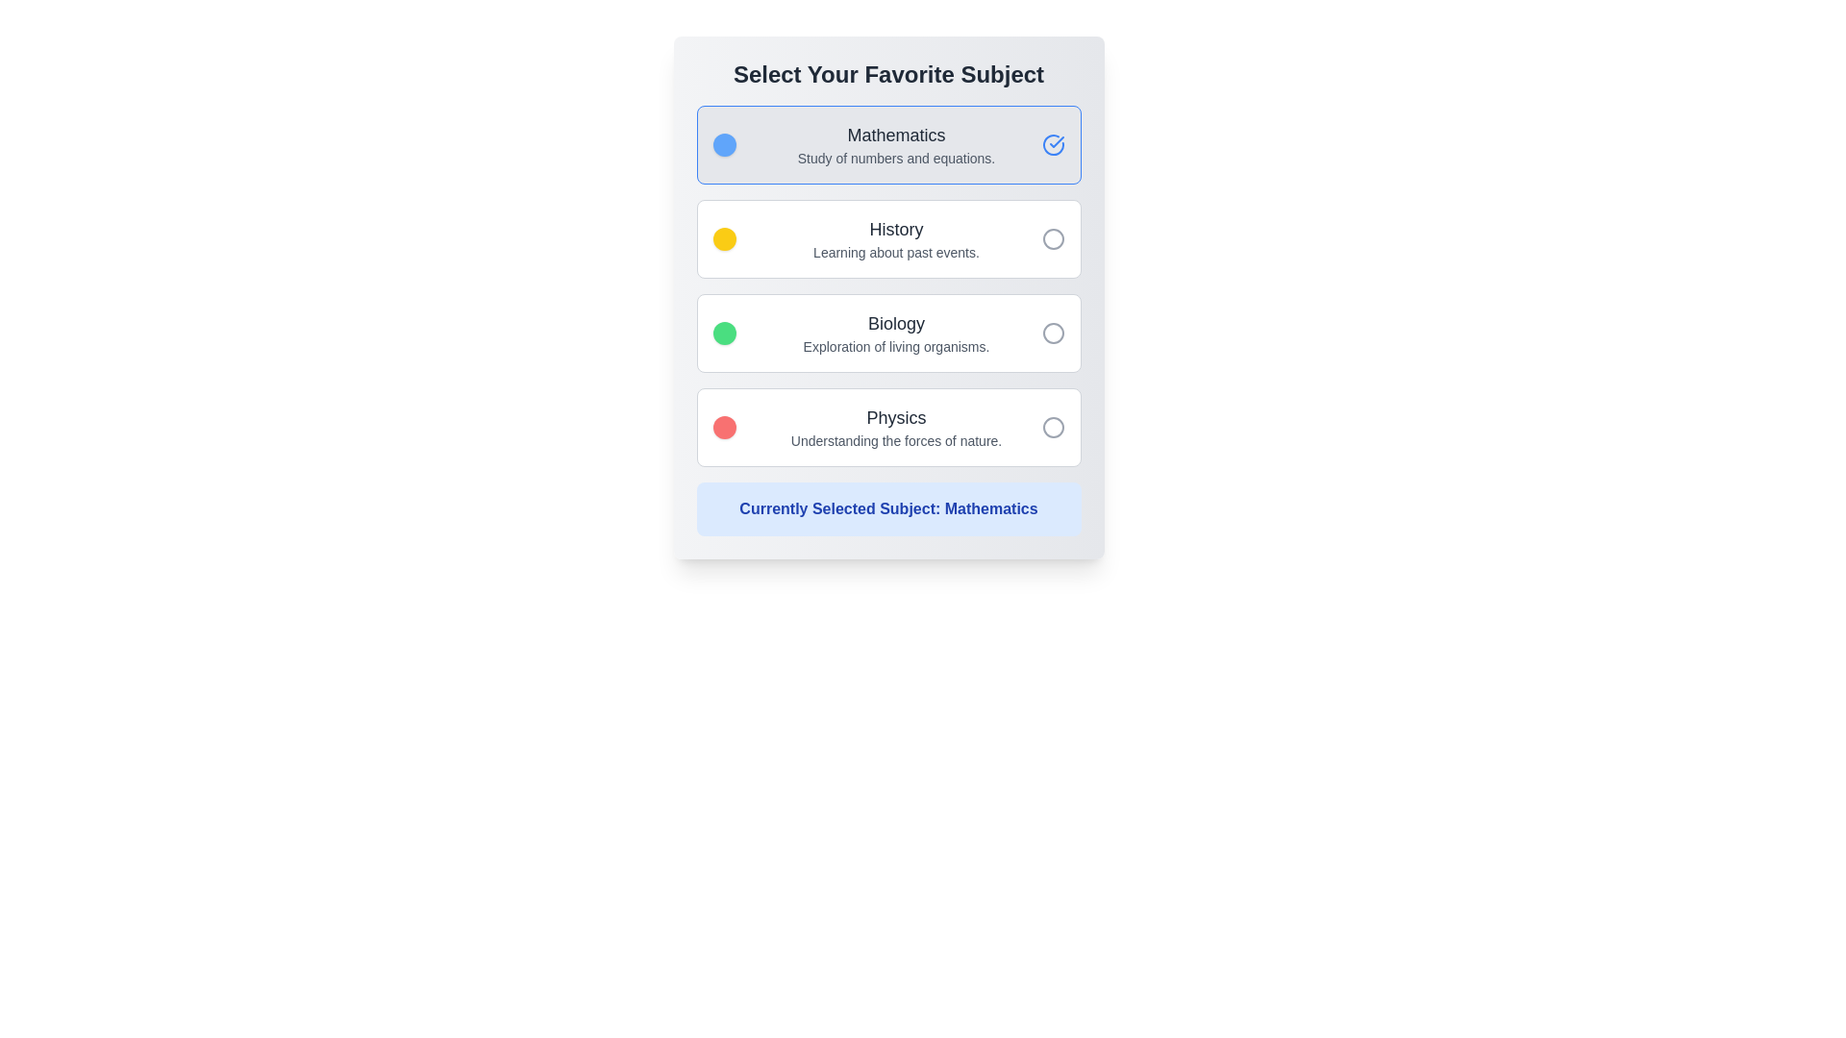 The width and height of the screenshot is (1846, 1038). I want to click on the Text block containing the title and description for 'Mathematics', which is located within the first card of a vertically-stacked list of options, directly below its left-aligned circular icon, so click(895, 143).